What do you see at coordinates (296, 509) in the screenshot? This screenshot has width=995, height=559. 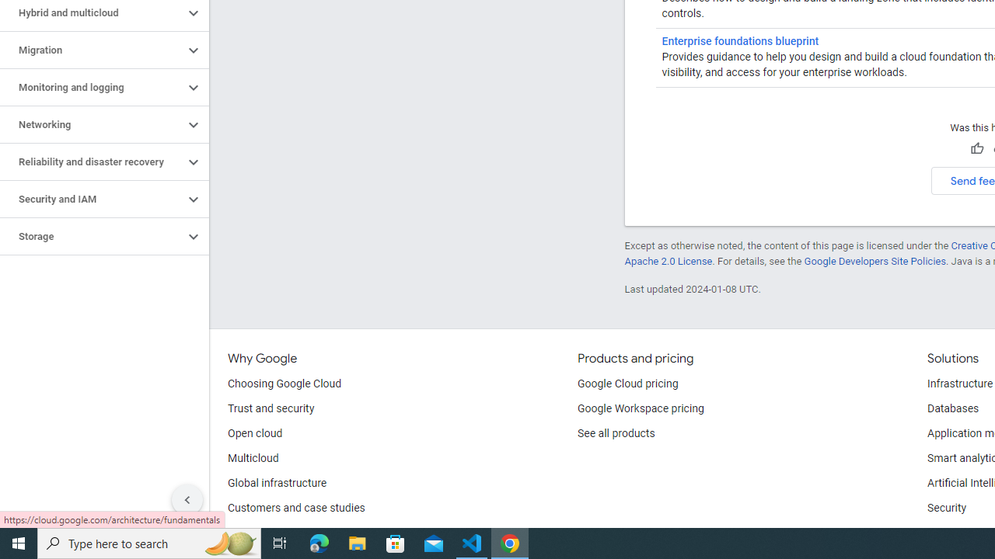 I see `'Customers and case studies'` at bounding box center [296, 509].